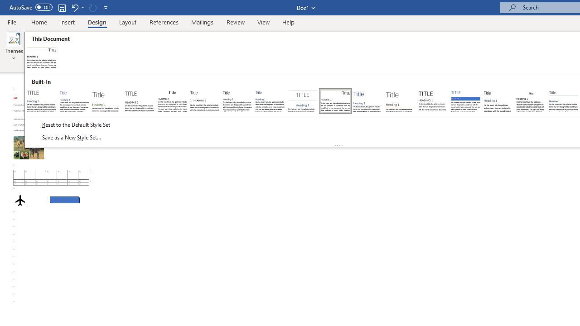 This screenshot has width=580, height=326. Describe the element at coordinates (77, 7) in the screenshot. I see `'Undo Apply Quick Style Set'` at that location.